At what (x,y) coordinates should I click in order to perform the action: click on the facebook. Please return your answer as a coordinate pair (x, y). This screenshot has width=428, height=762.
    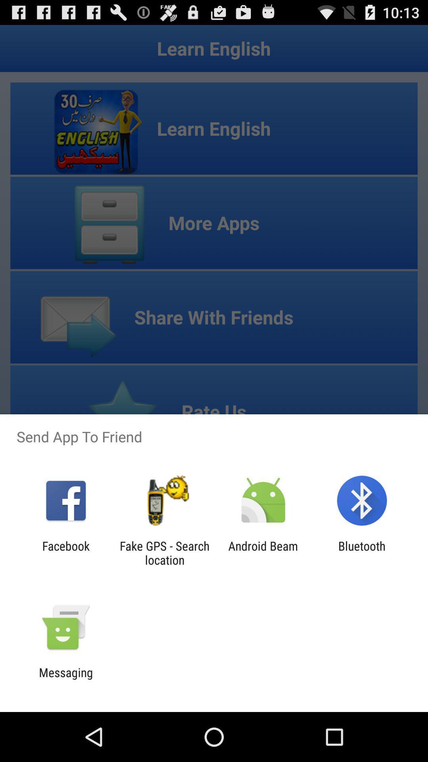
    Looking at the image, I should click on (65, 552).